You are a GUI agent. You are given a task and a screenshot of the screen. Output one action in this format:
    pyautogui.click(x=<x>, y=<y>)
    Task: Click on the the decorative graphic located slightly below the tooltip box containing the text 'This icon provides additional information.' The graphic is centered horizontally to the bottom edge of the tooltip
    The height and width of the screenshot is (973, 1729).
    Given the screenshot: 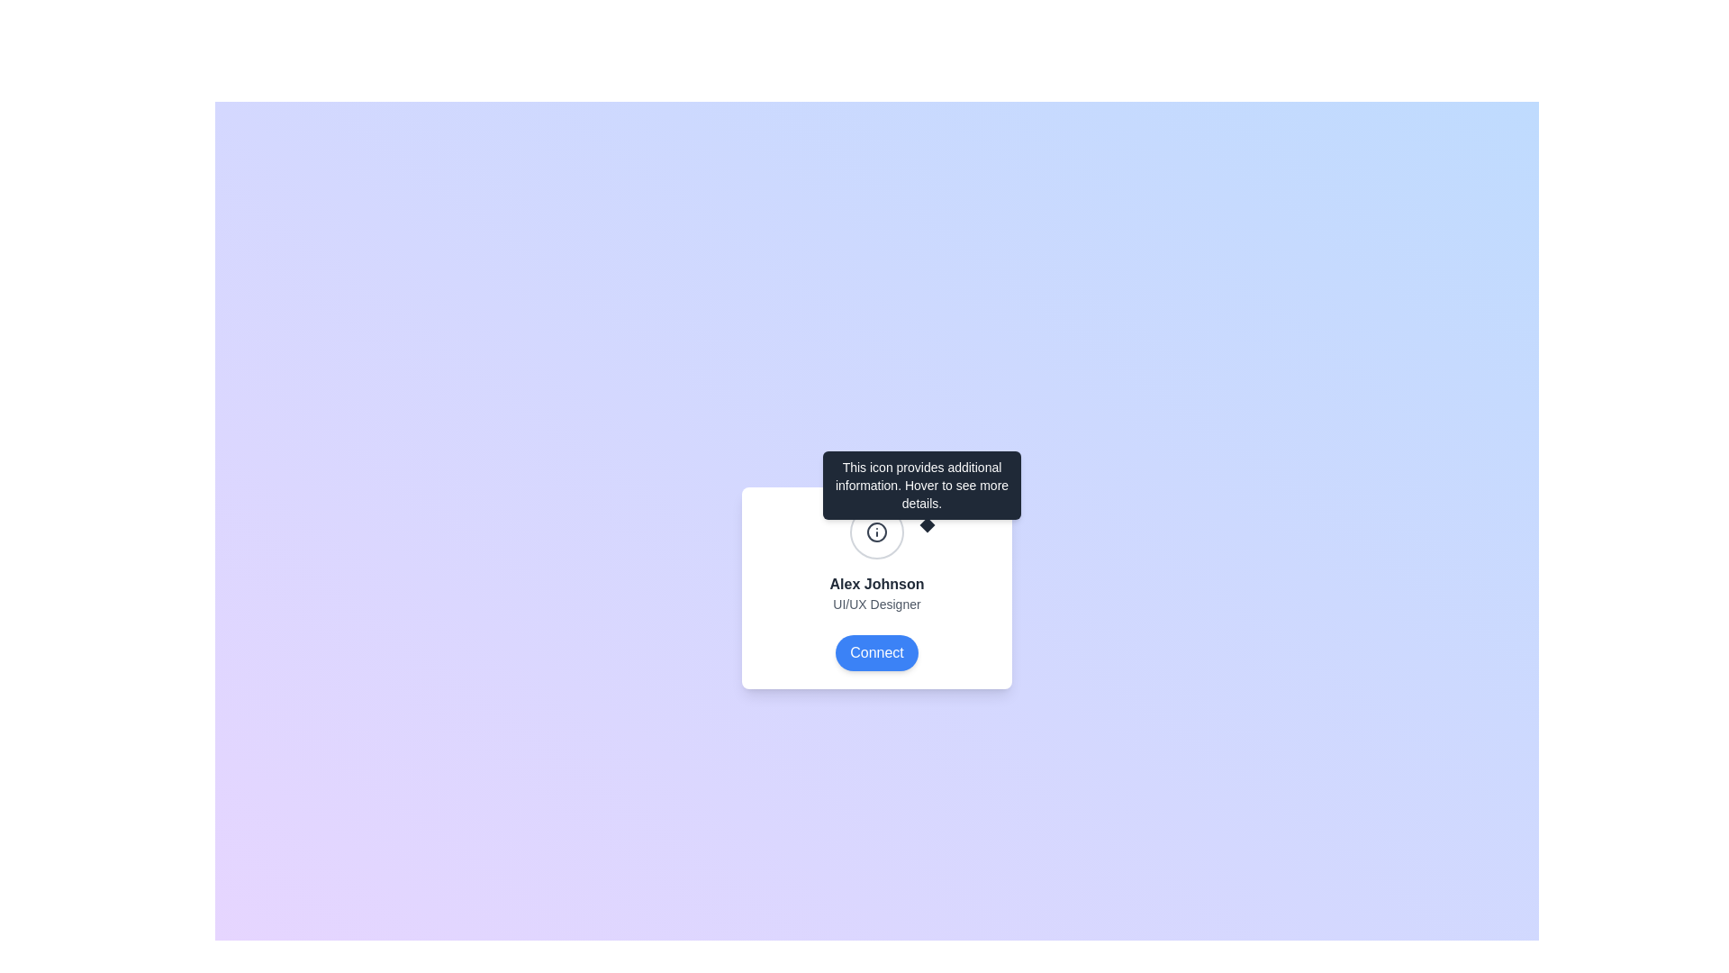 What is the action you would take?
    pyautogui.click(x=928, y=524)
    